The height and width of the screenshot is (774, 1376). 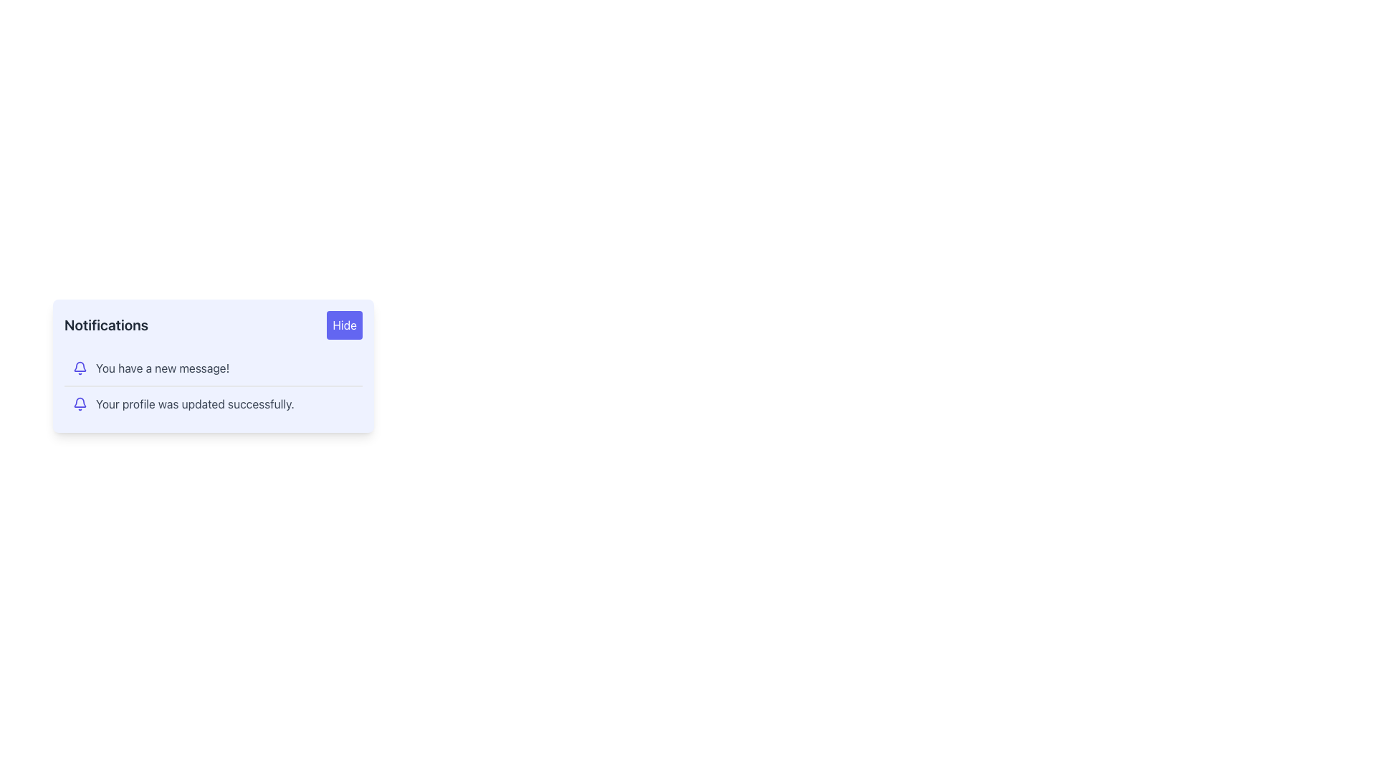 What do you see at coordinates (79, 367) in the screenshot?
I see `the bell icon that symbolizes notifications, located at the top-left corner of the notification block, to the left of the text 'You have a new message!'` at bounding box center [79, 367].